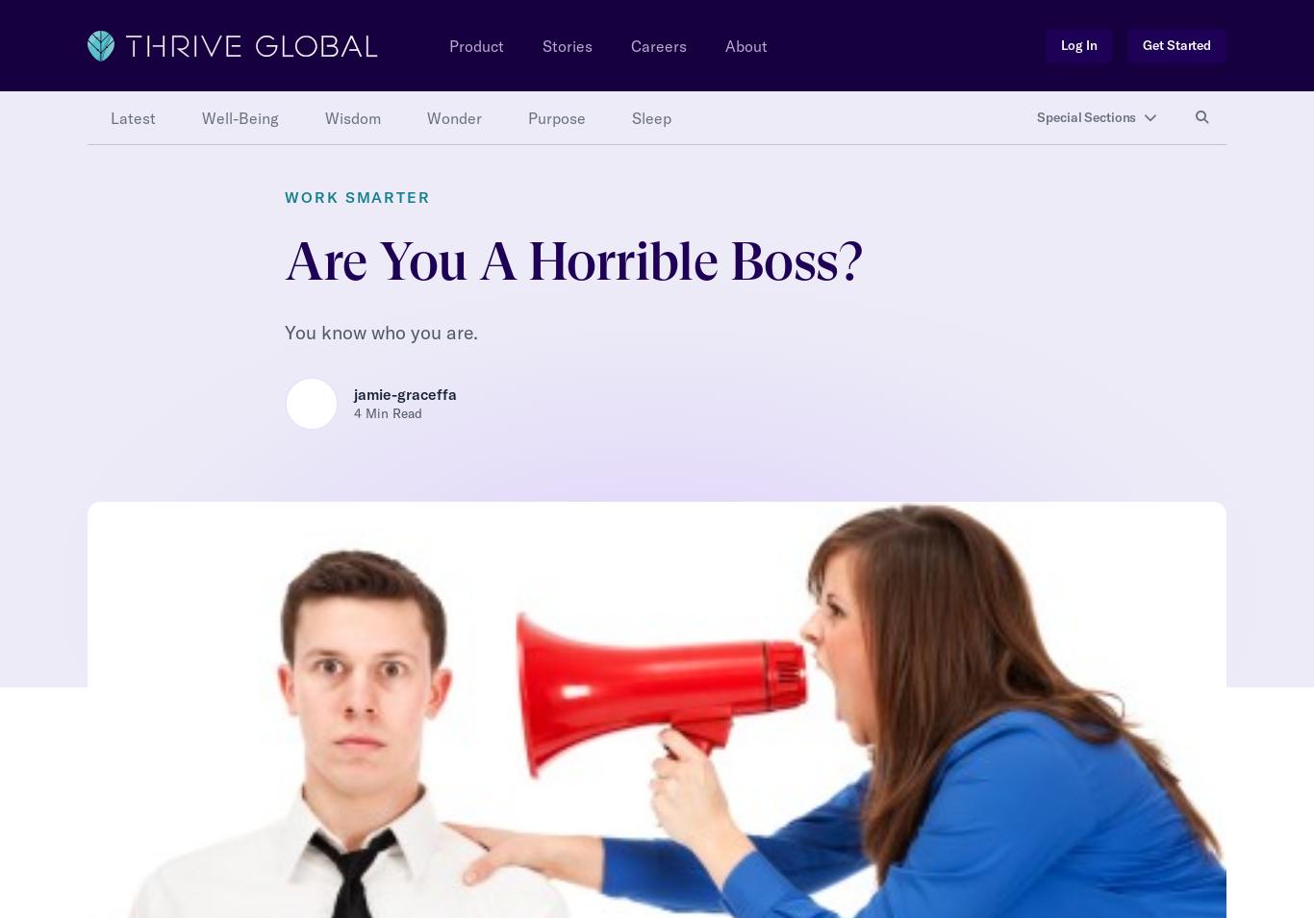  I want to click on '· If your company offers an employee engagement survey, fill it out honestly. Hopefully the data is reviewed and some corrective action taken.', so click(622, 129).